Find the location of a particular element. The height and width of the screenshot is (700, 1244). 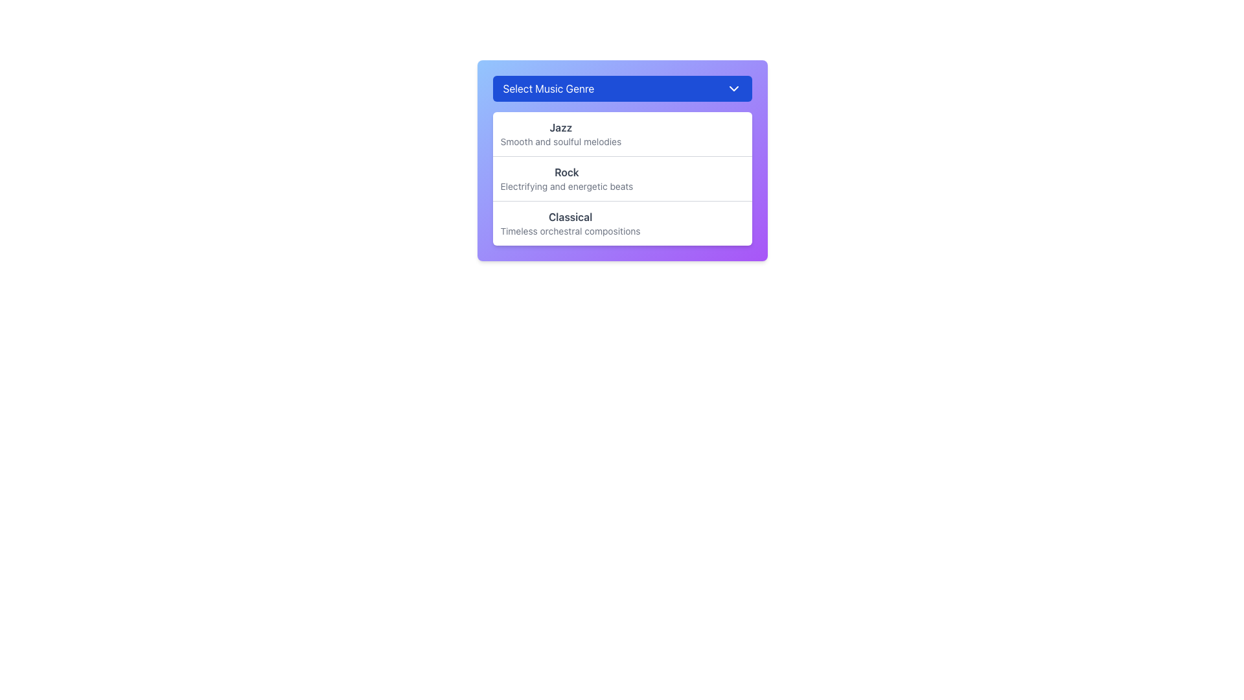

the second selectable option in the dropdown menu for musical genres is located at coordinates (622, 179).